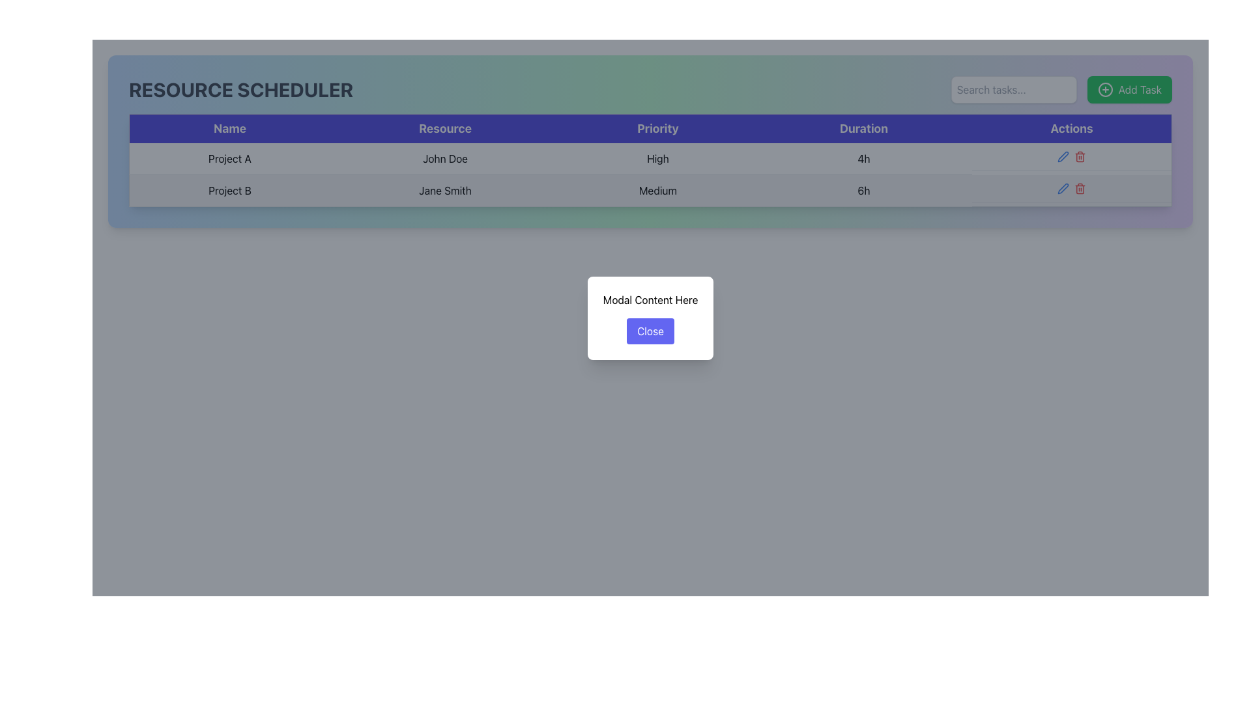 This screenshot has height=703, width=1251. Describe the element at coordinates (1080, 188) in the screenshot. I see `the red trash icon in the bottom-right cell of the second row of the 'Resource Scheduler' table` at that location.